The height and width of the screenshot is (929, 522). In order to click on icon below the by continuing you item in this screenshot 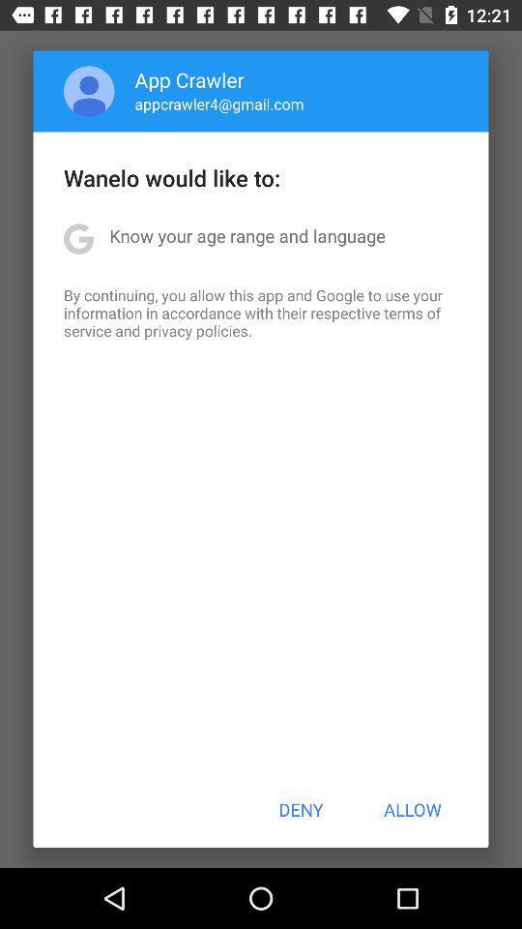, I will do `click(301, 809)`.